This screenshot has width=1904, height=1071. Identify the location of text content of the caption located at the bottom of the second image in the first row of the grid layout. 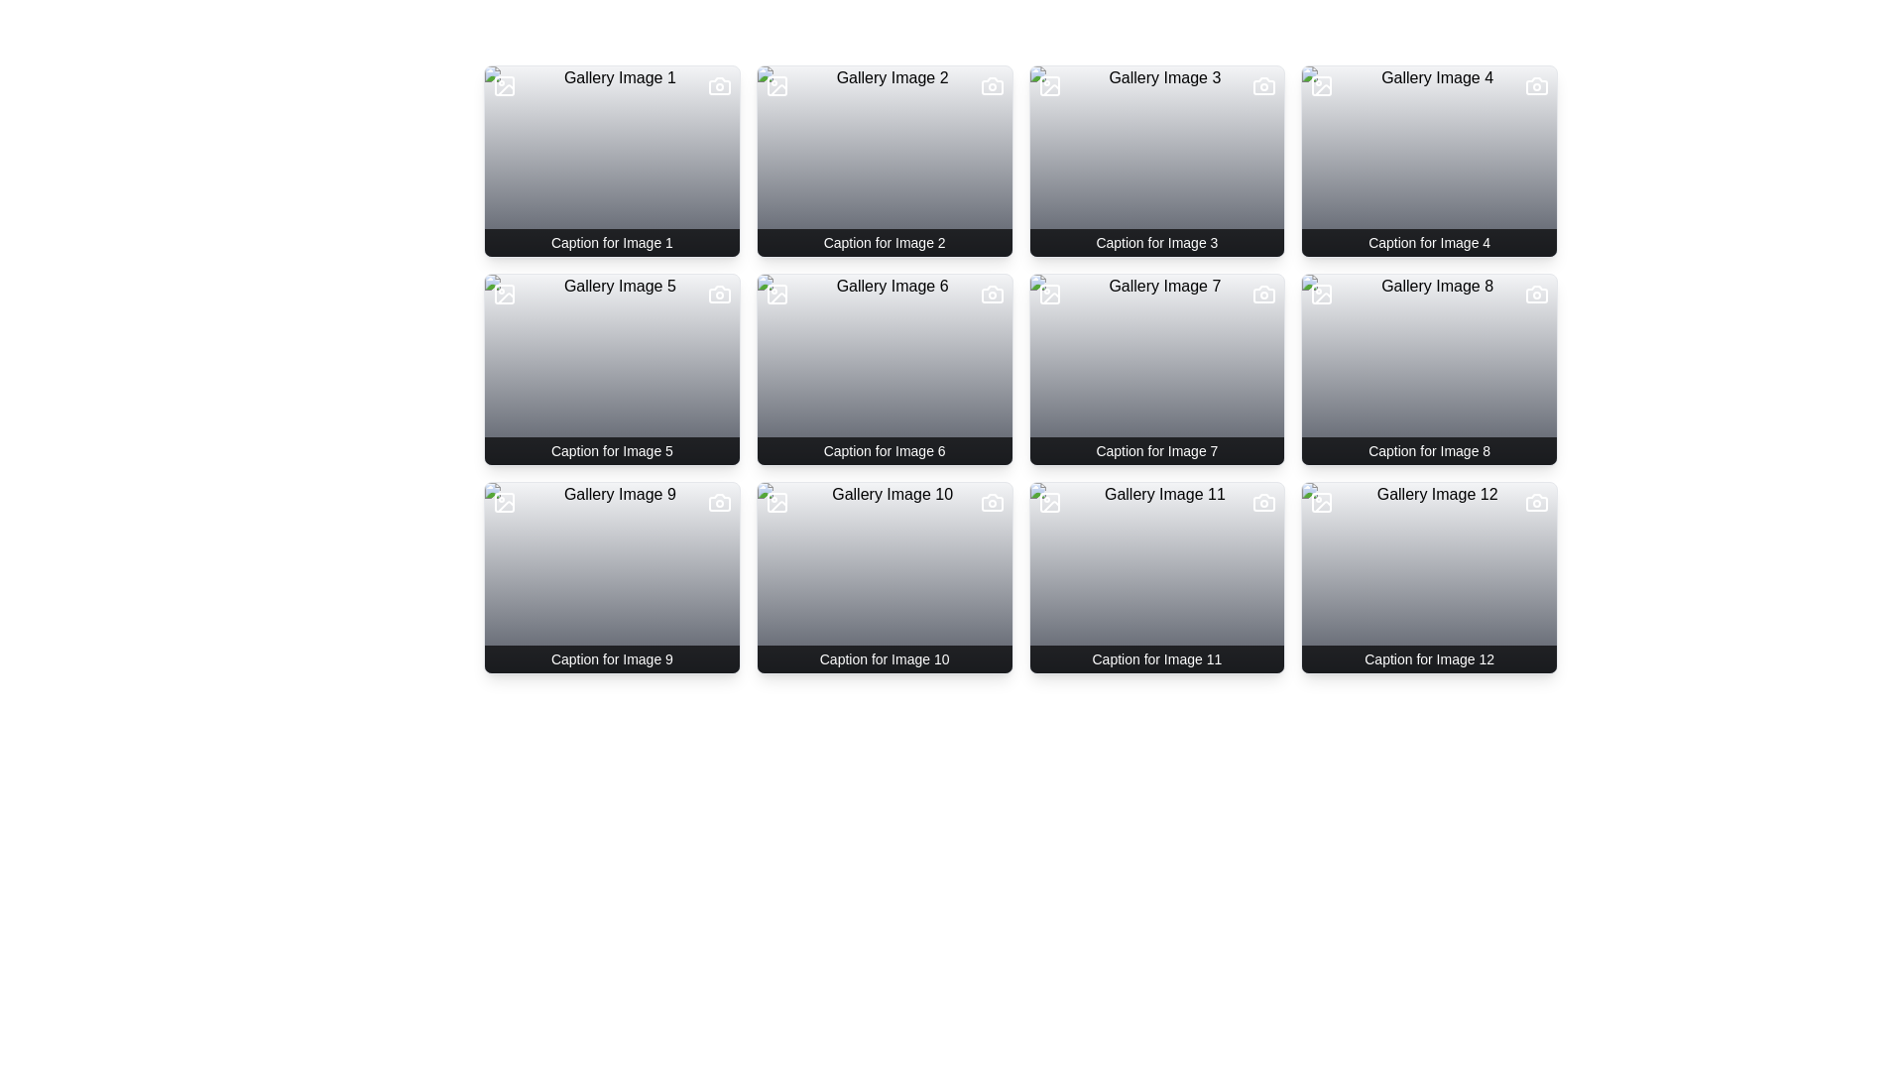
(884, 242).